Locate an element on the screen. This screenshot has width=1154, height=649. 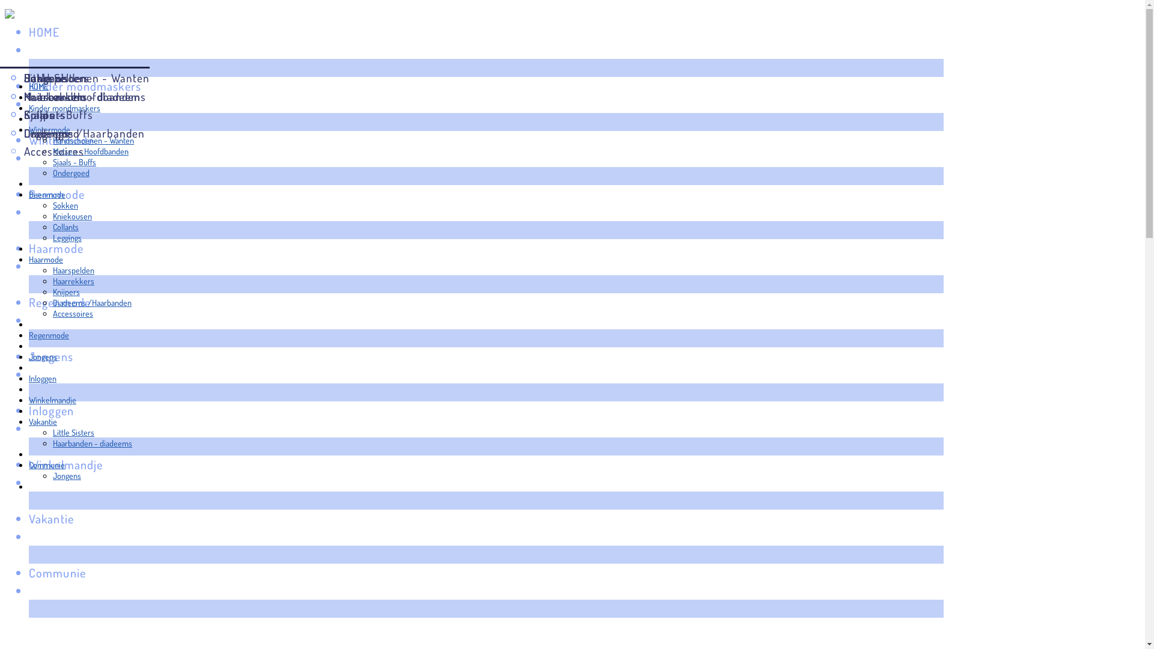
'Leggings' is located at coordinates (66, 237).